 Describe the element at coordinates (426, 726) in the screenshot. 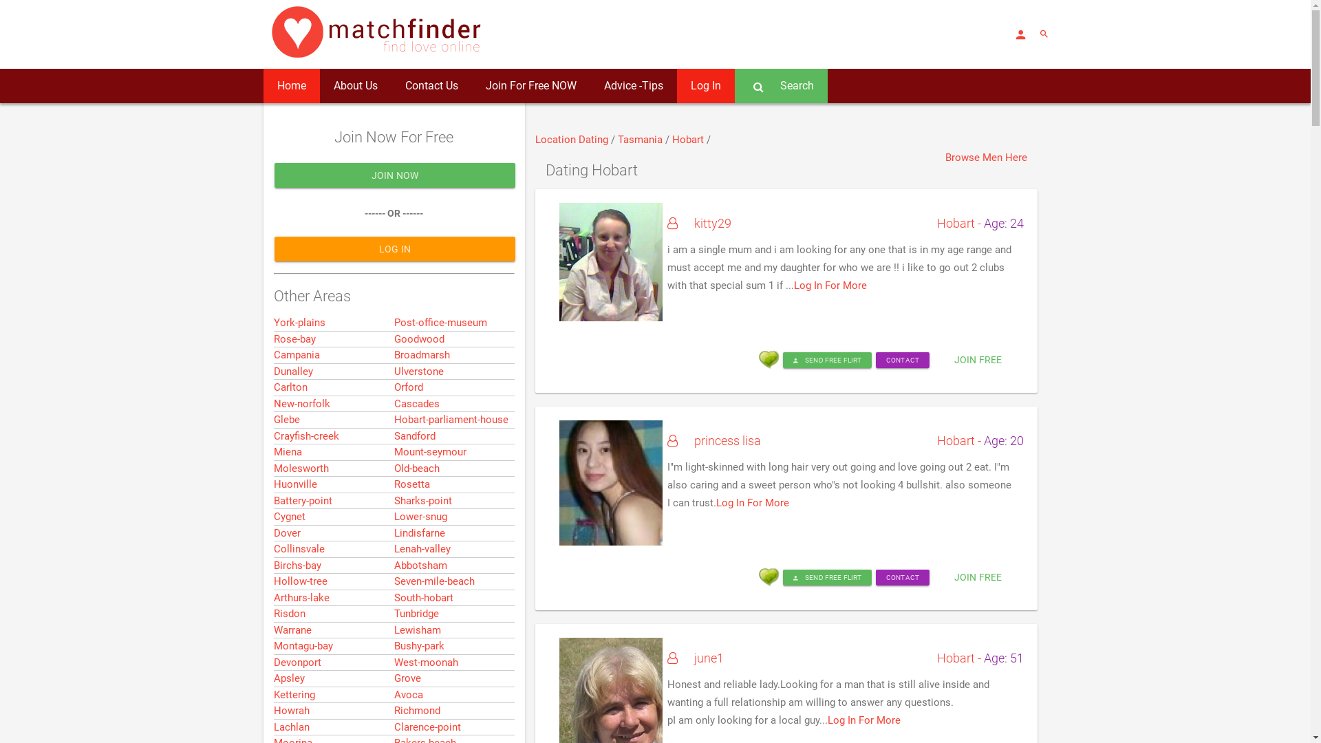

I see `'Clarence-point'` at that location.